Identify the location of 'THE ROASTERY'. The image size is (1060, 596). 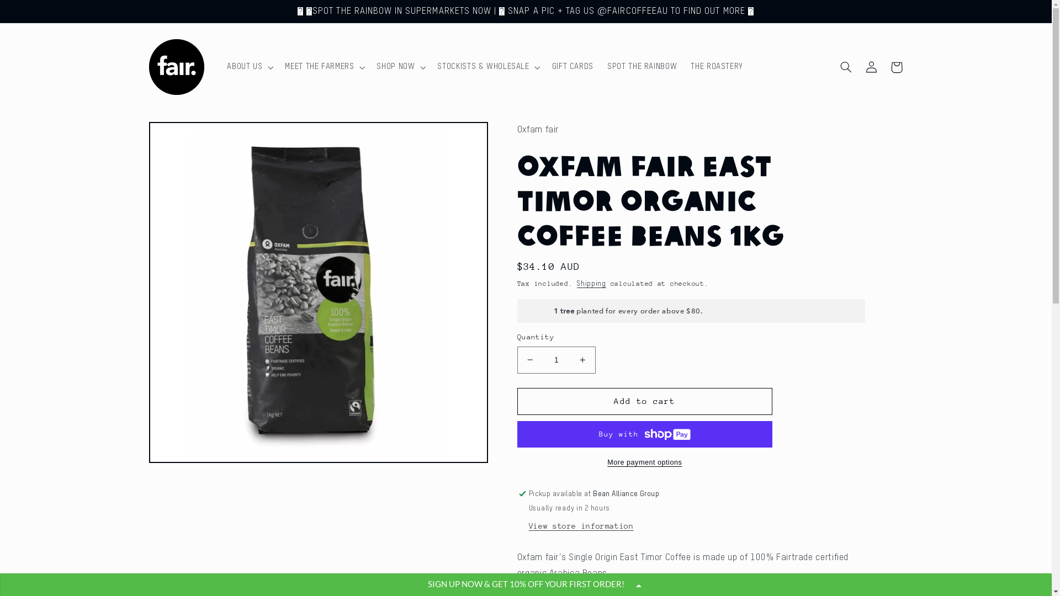
(717, 67).